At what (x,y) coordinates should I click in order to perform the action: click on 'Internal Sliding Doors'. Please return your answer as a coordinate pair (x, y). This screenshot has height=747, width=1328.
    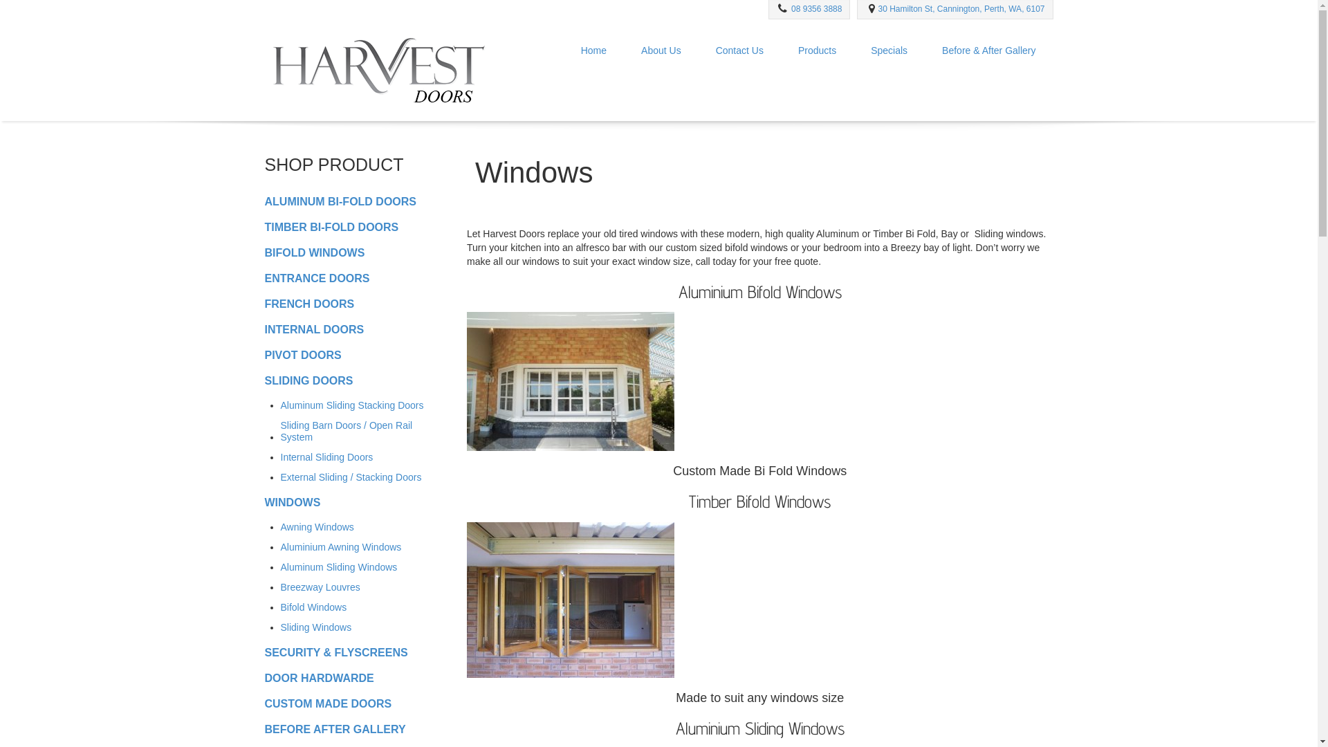
    Looking at the image, I should click on (326, 456).